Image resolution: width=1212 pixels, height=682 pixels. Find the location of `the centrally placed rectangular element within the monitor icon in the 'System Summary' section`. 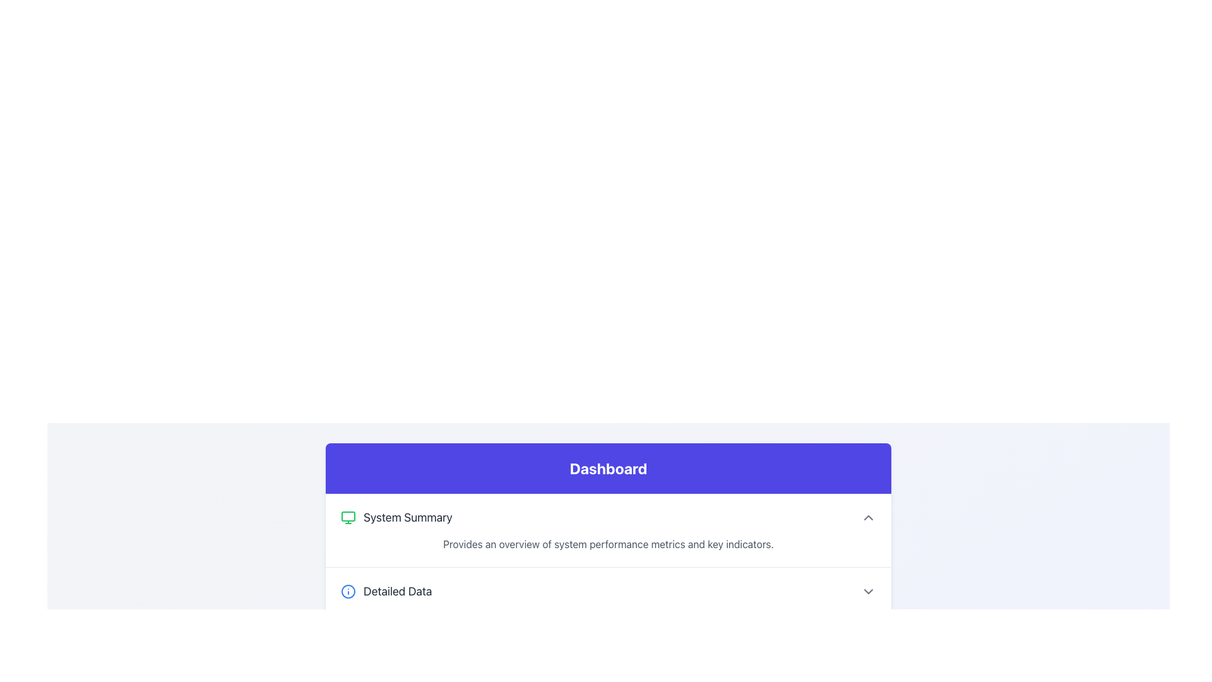

the centrally placed rectangular element within the monitor icon in the 'System Summary' section is located at coordinates (348, 516).